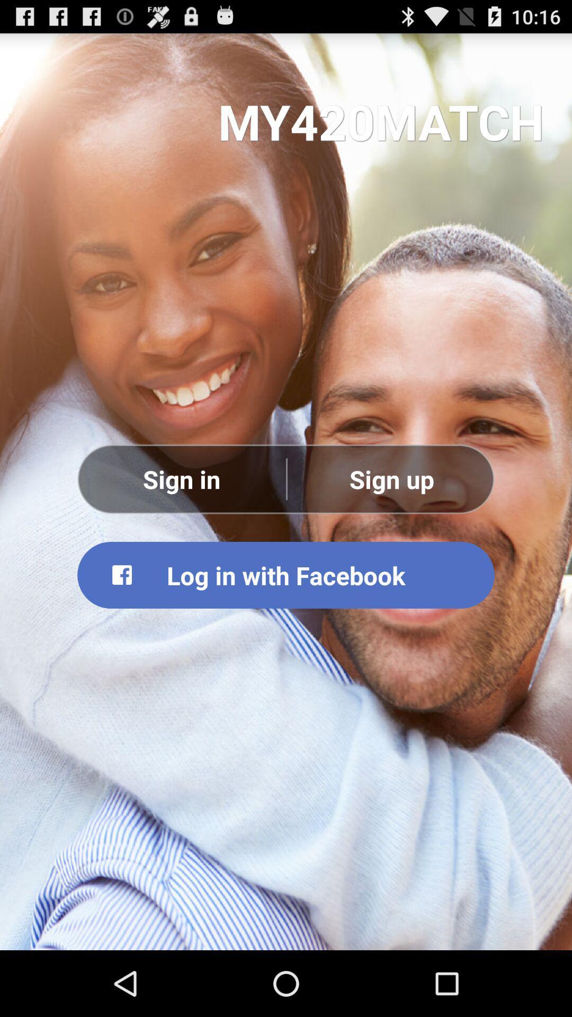 This screenshot has width=572, height=1017. Describe the element at coordinates (391, 478) in the screenshot. I see `the item on the right` at that location.